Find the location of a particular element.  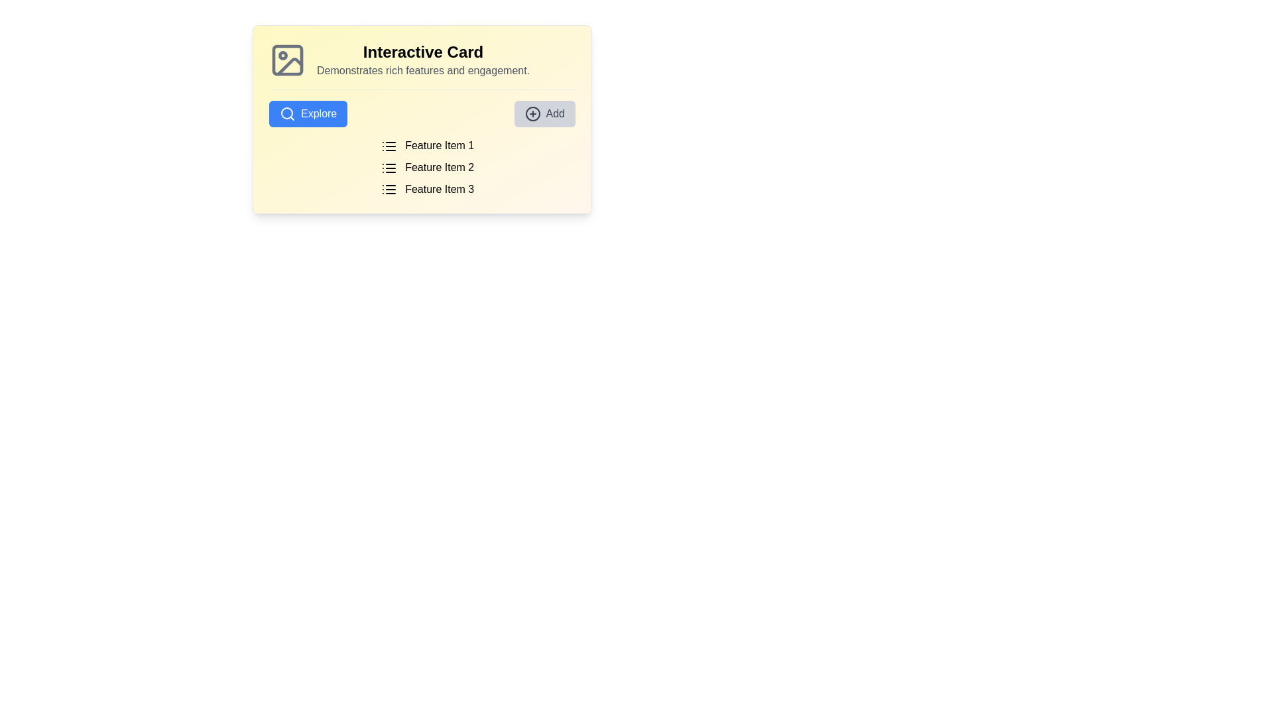

the icon located to the left of the 'Interactive Card' text within the card component is located at coordinates (286, 60).